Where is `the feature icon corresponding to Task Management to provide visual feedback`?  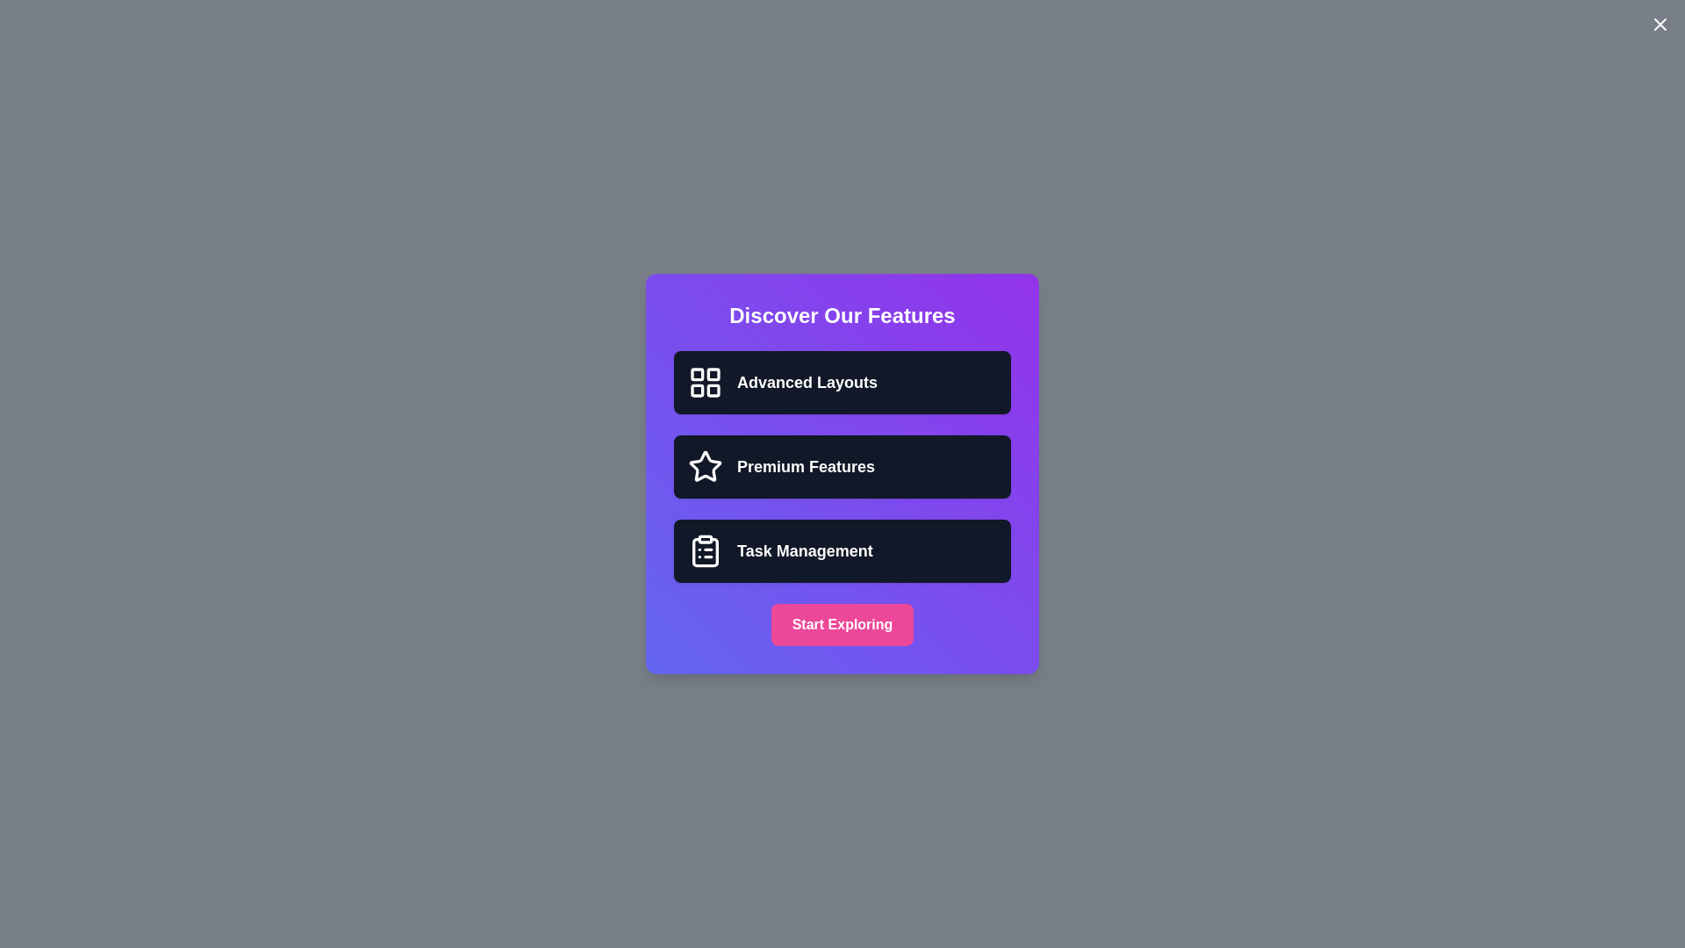 the feature icon corresponding to Task Management to provide visual feedback is located at coordinates (706, 550).